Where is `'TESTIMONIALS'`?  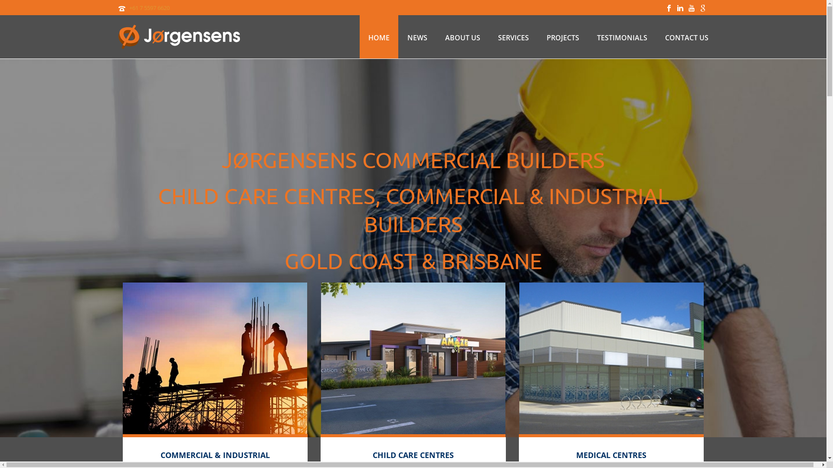 'TESTIMONIALS' is located at coordinates (588, 36).